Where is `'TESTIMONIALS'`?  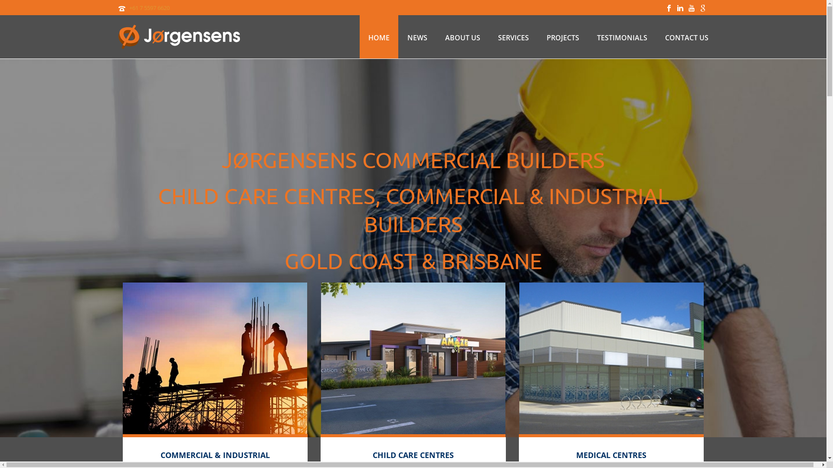 'TESTIMONIALS' is located at coordinates (588, 36).